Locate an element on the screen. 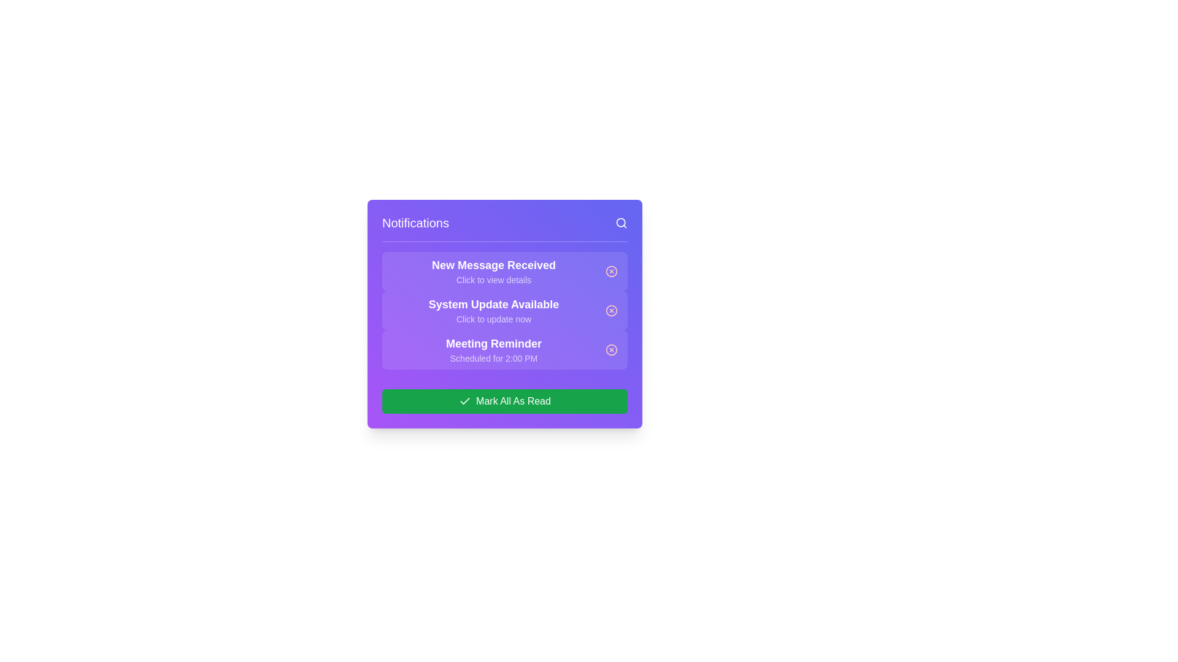  the search icon located in the top-right corner of the 'Notifications' section is located at coordinates (621, 223).